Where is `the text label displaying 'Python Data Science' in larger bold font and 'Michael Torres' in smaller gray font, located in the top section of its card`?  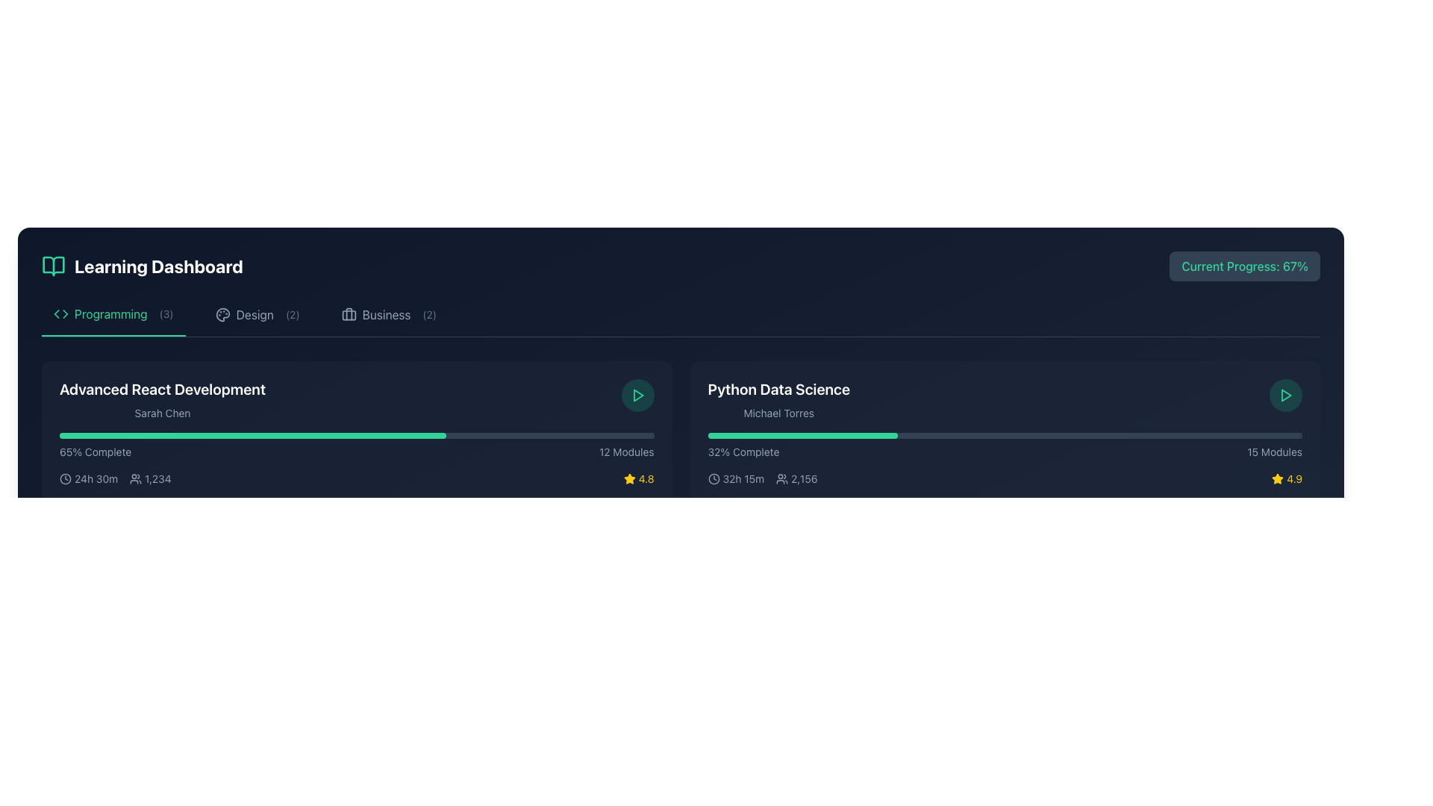 the text label displaying 'Python Data Science' in larger bold font and 'Michael Torres' in smaller gray font, located in the top section of its card is located at coordinates (778, 399).